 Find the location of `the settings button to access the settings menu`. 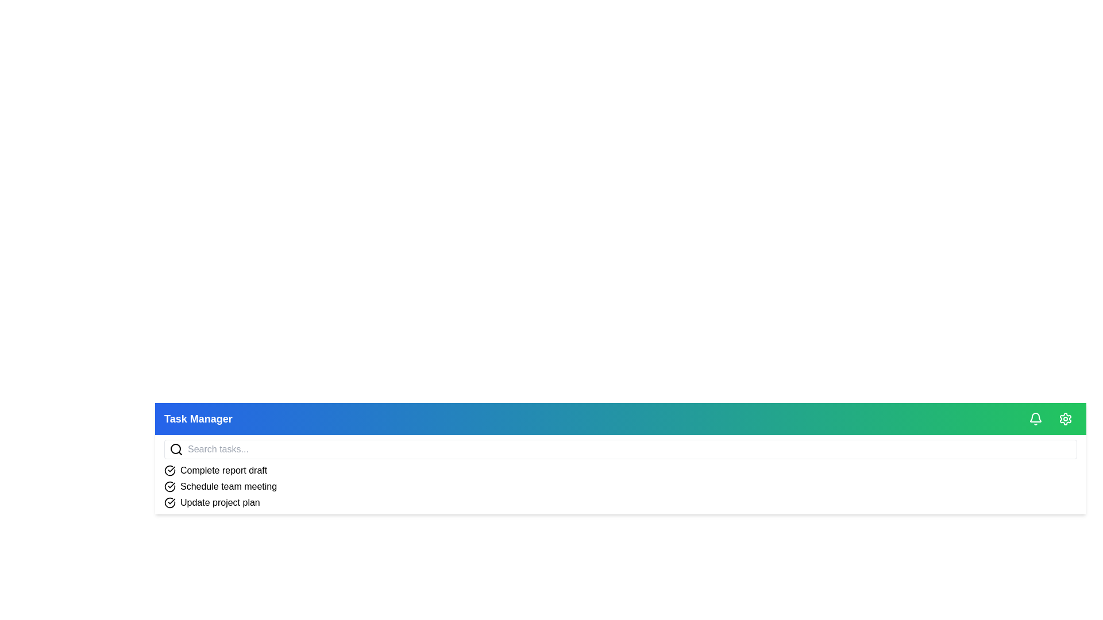

the settings button to access the settings menu is located at coordinates (1065, 418).